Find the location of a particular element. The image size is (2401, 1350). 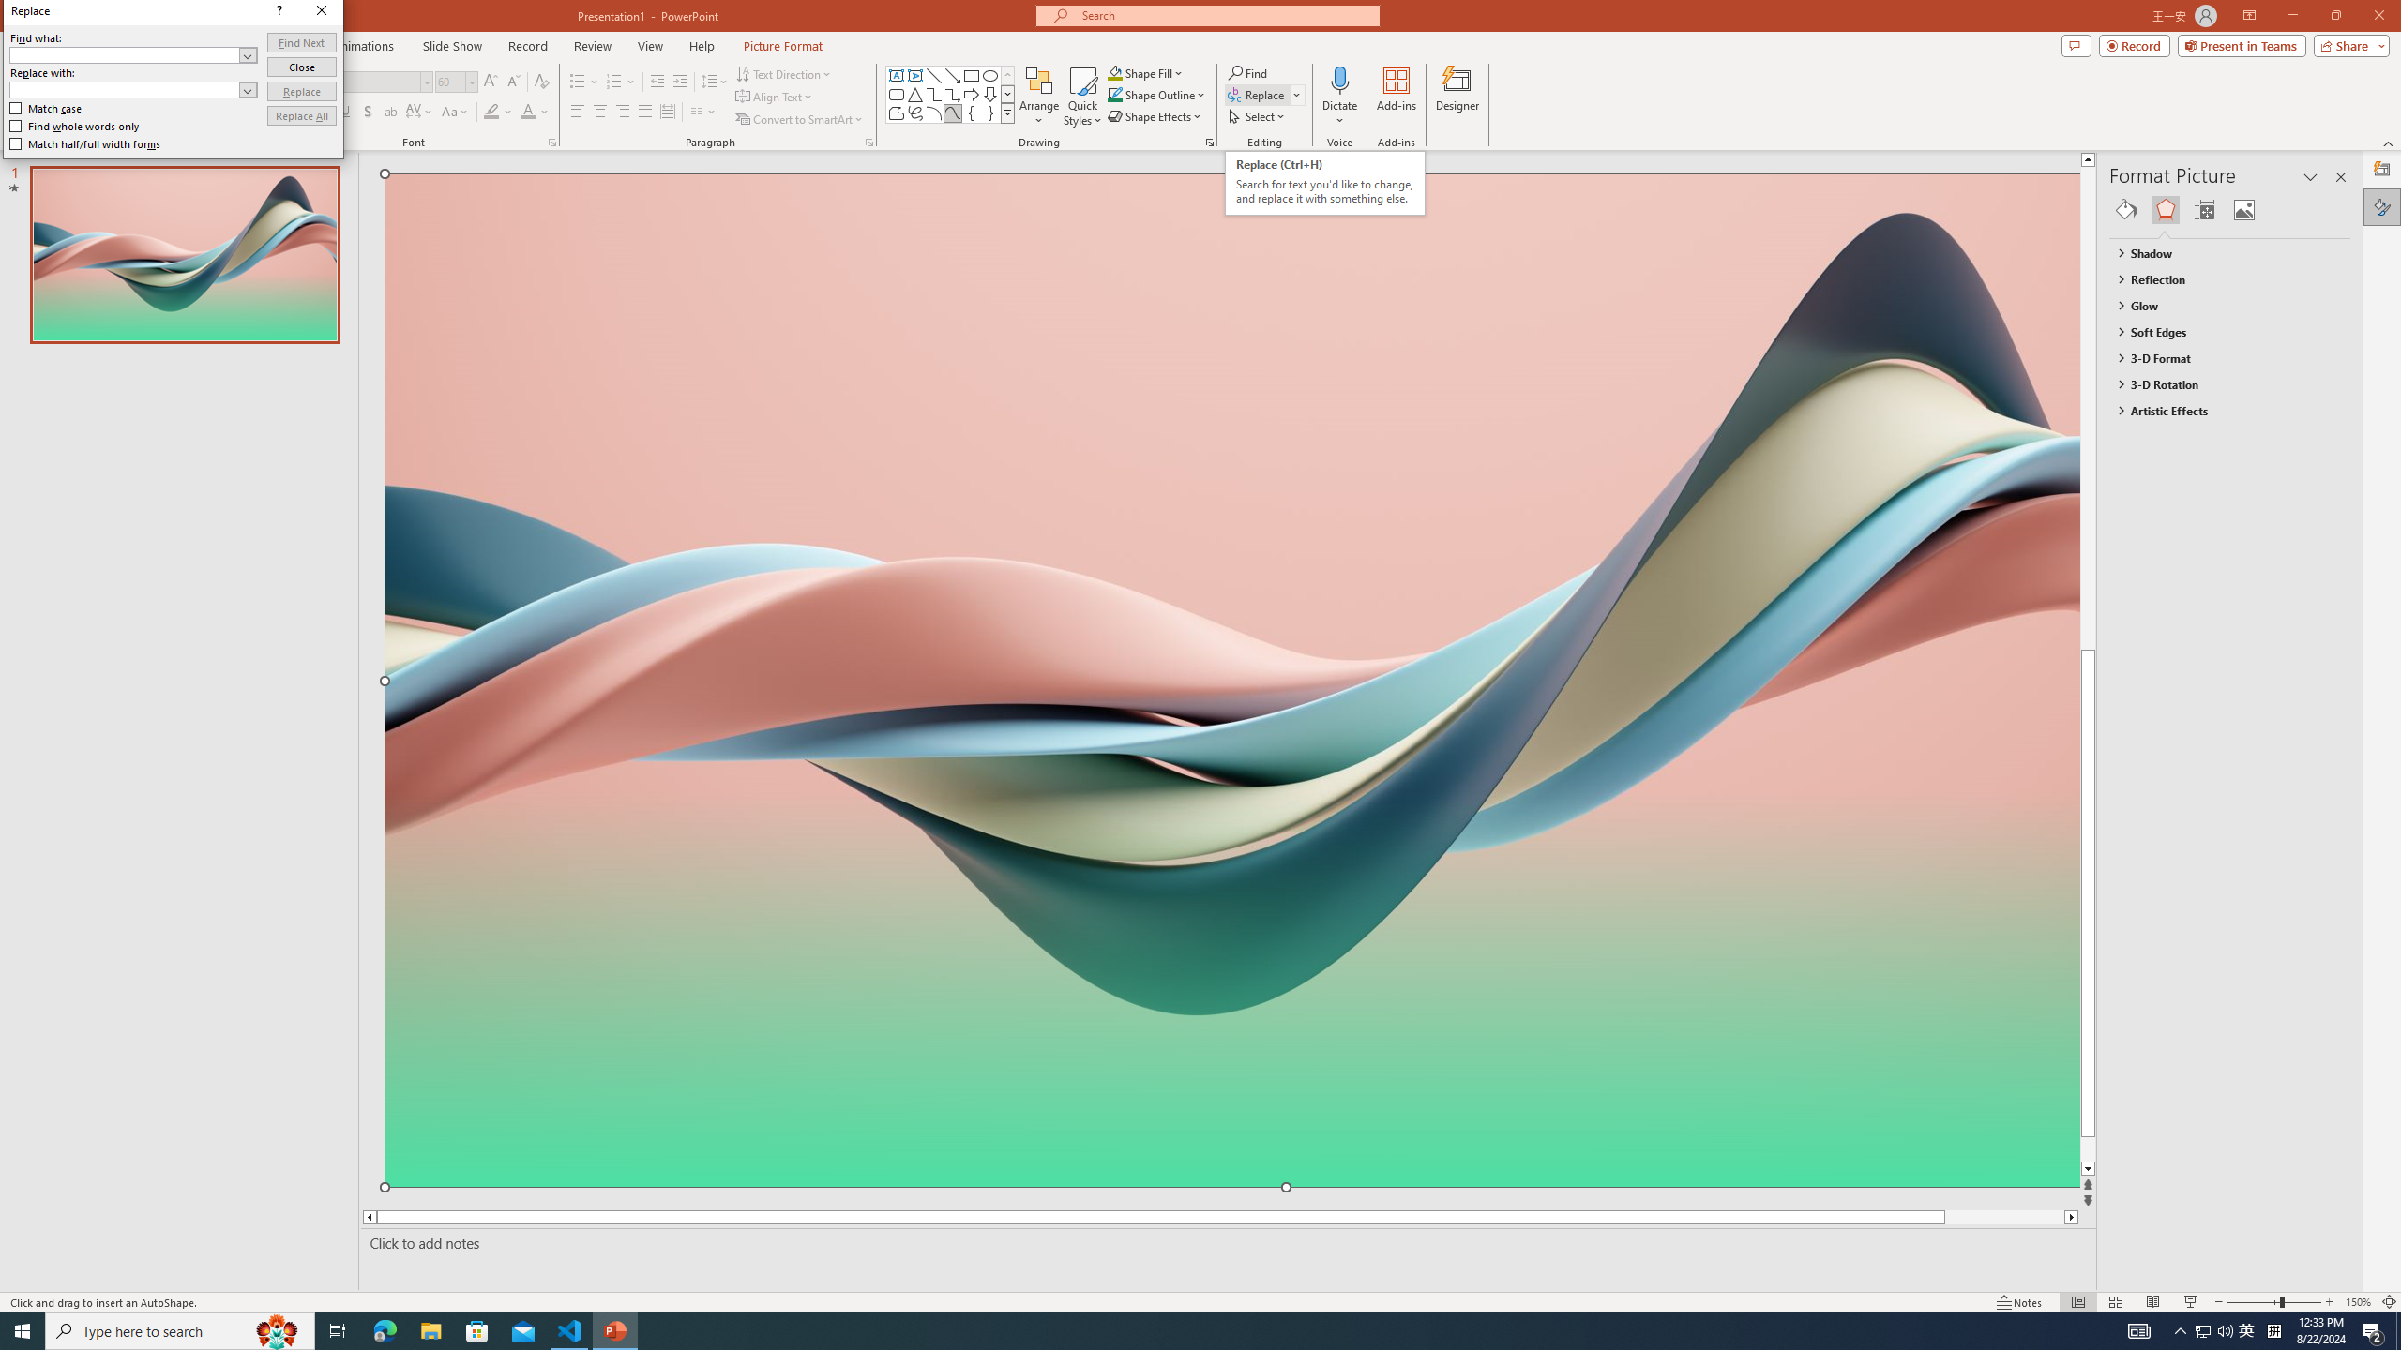

'Vertical Text Box' is located at coordinates (914, 75).